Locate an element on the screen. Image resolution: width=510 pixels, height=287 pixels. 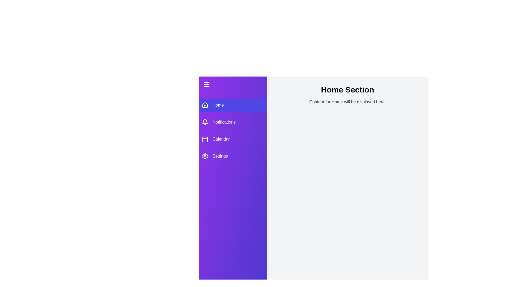
the menu item Notifications in the sidebar is located at coordinates (232, 122).